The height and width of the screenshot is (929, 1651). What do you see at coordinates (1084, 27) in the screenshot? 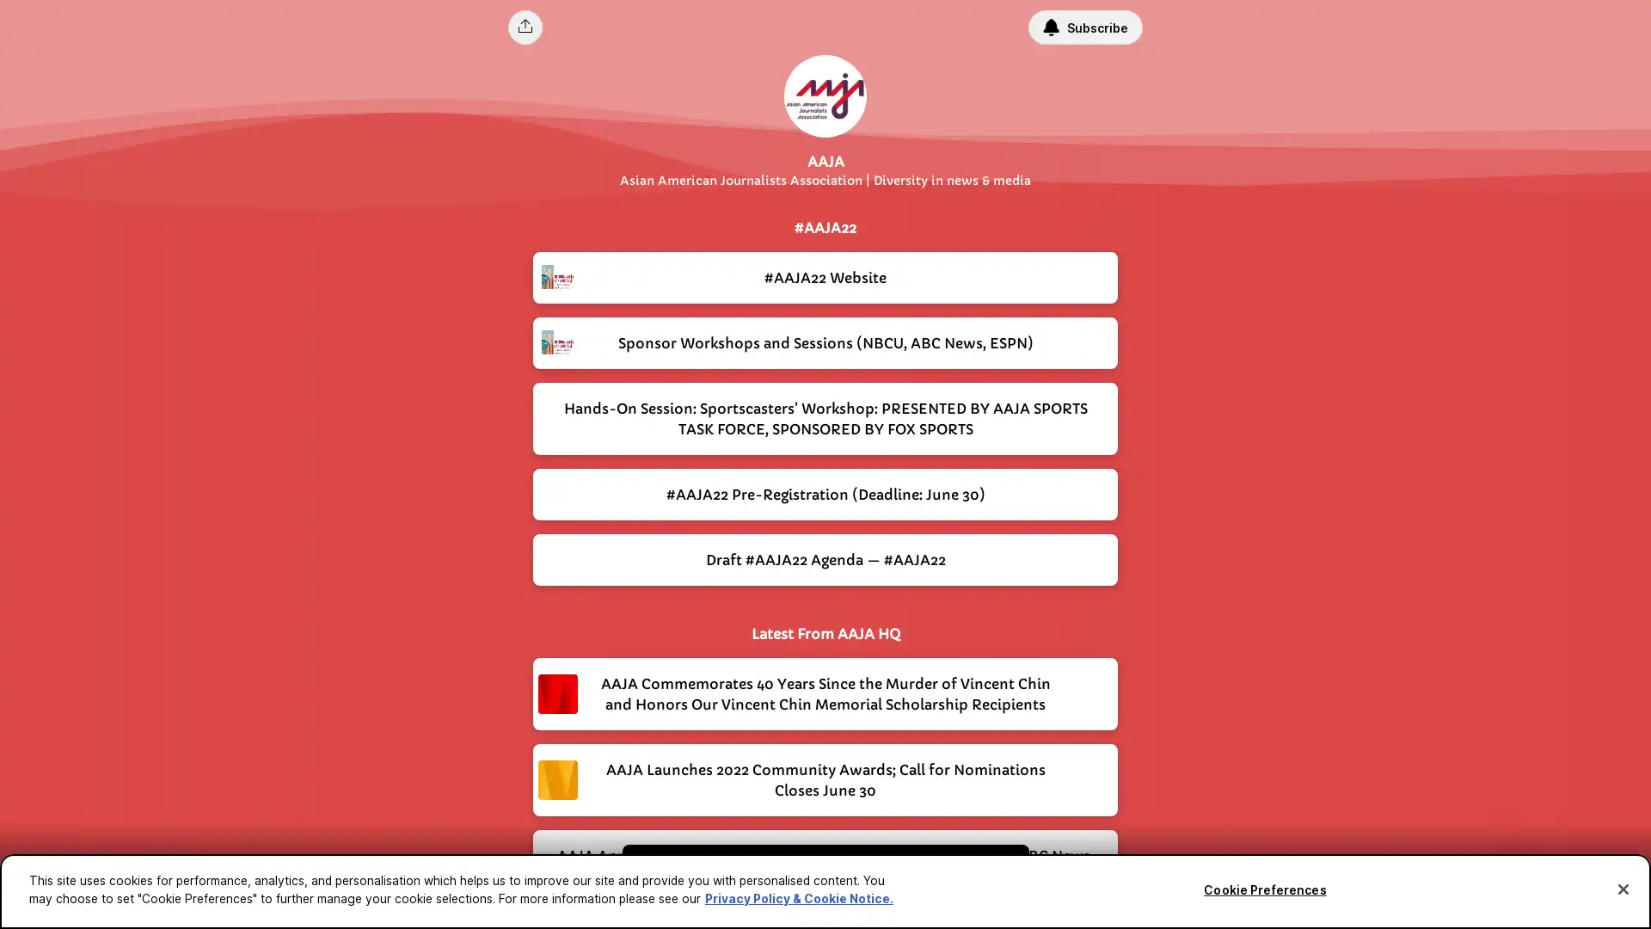
I see `Subscribe` at bounding box center [1084, 27].